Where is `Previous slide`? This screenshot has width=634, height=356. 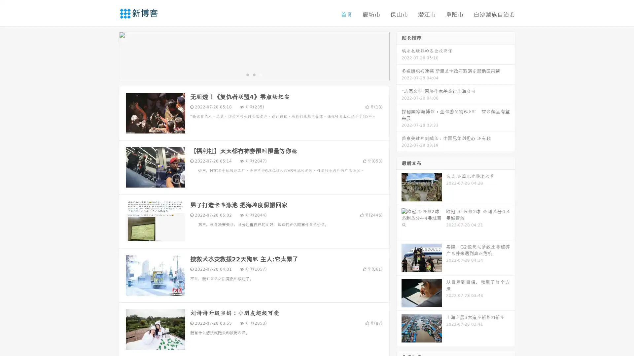 Previous slide is located at coordinates (109, 55).